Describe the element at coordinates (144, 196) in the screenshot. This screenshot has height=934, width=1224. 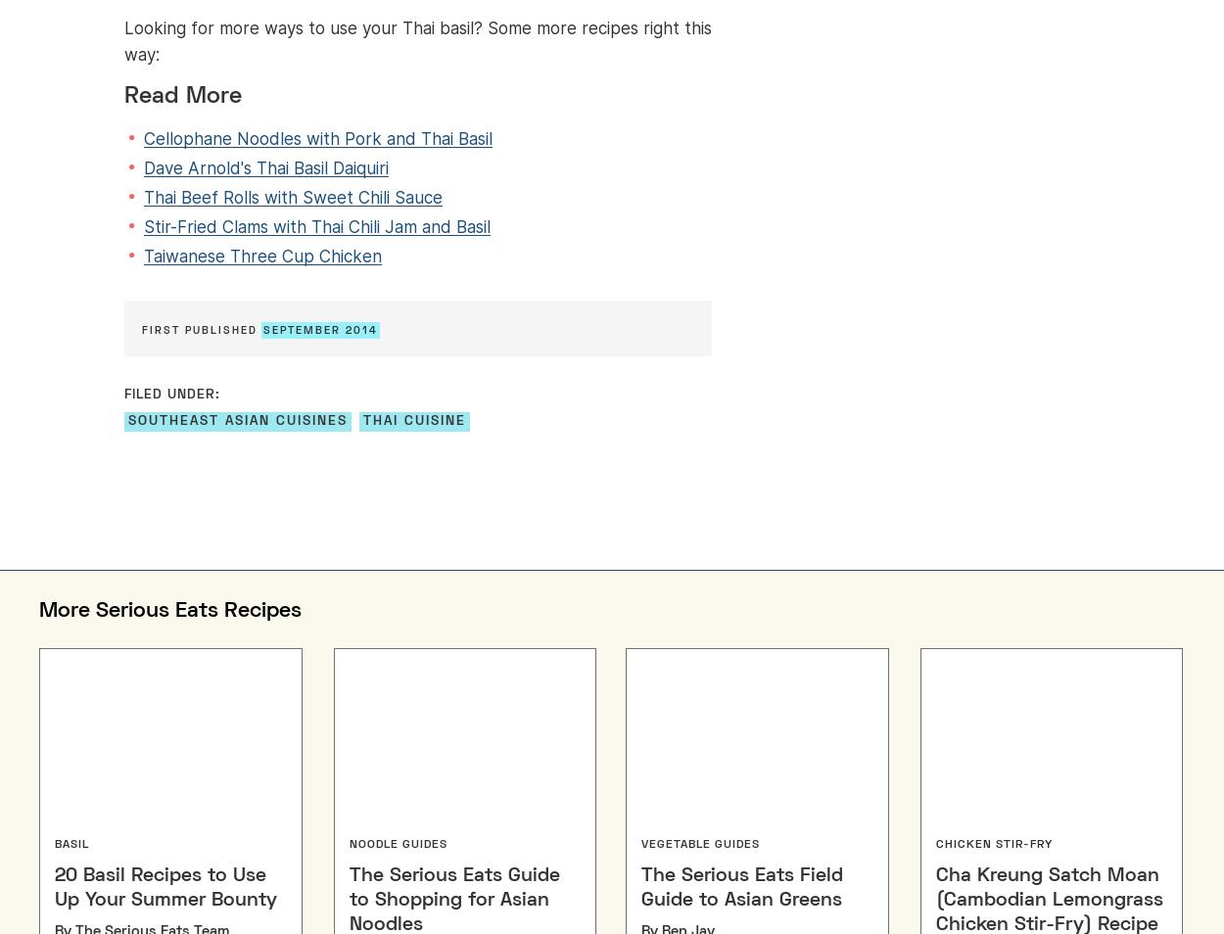
I see `'Thai Beef Rolls with Sweet Chili Sauce'` at that location.